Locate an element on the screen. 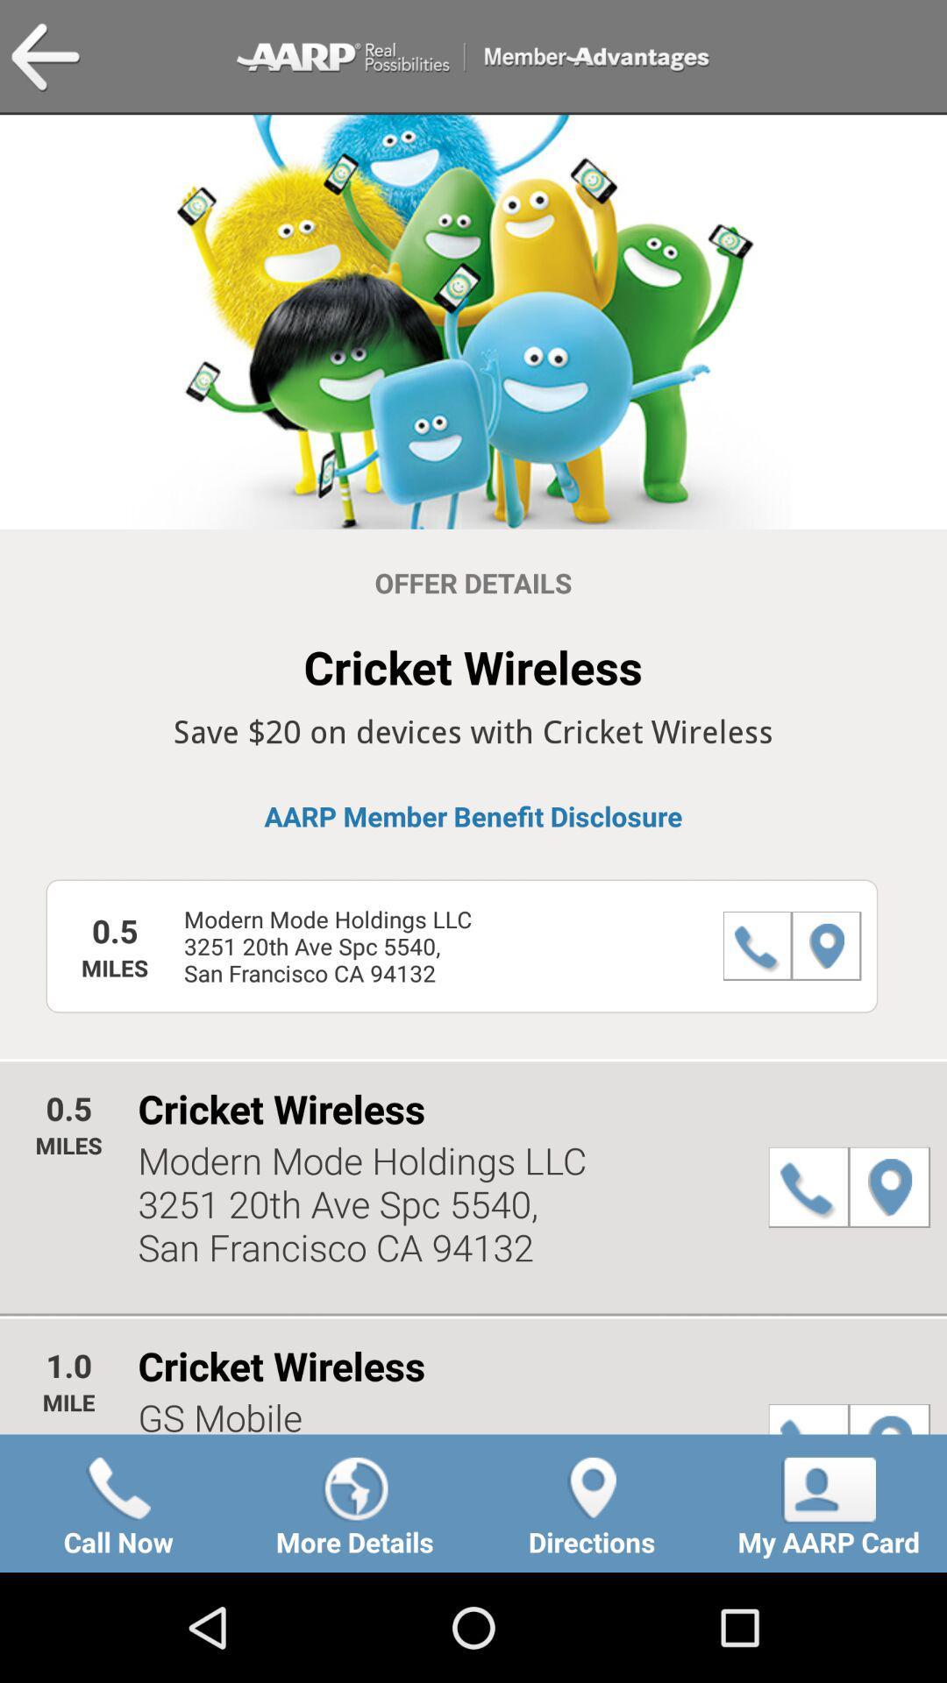 This screenshot has height=1683, width=947. icon at the top left corner is located at coordinates (45, 58).